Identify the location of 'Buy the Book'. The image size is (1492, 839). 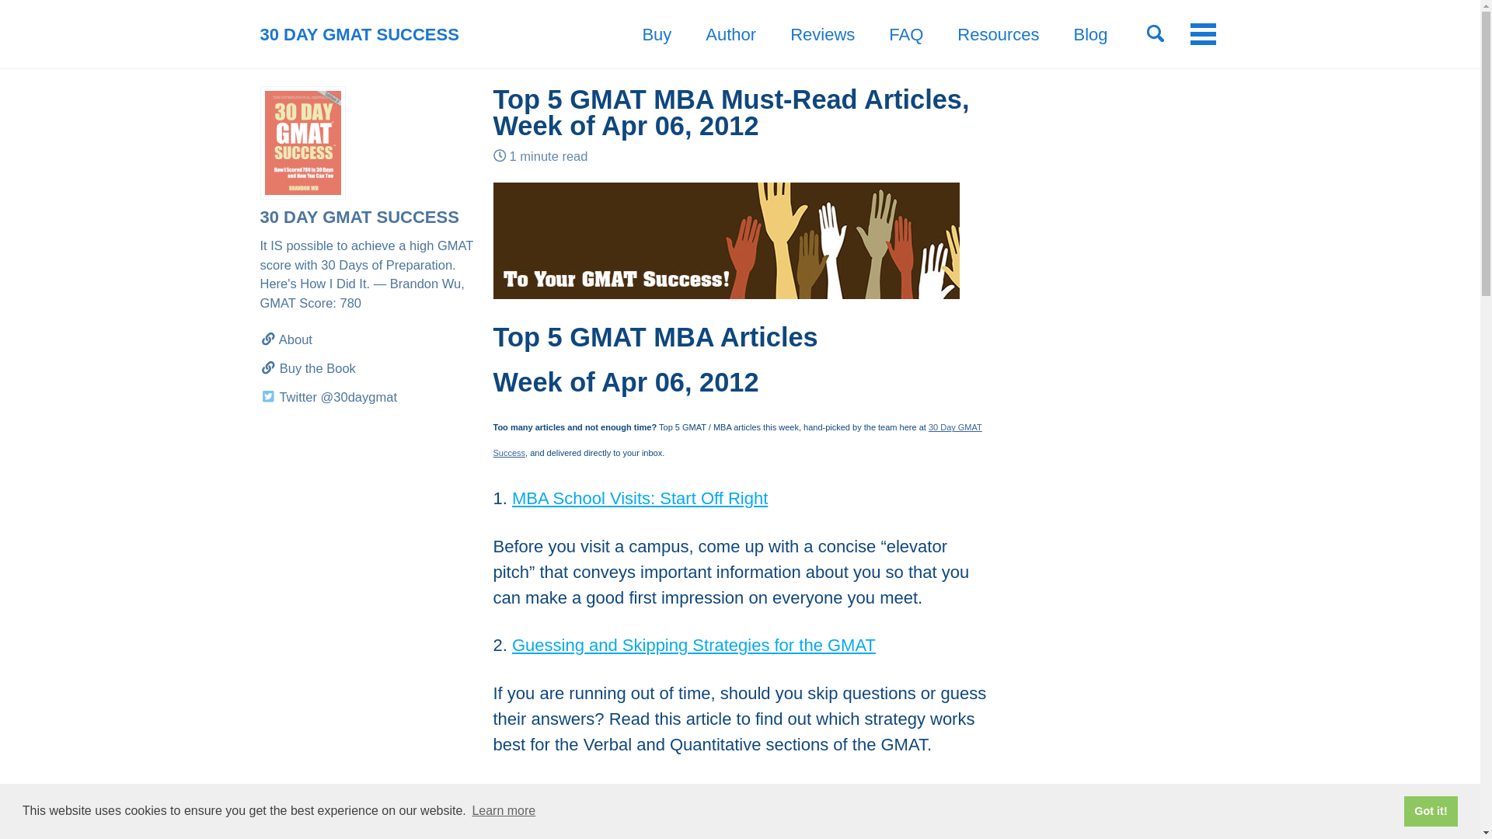
(367, 368).